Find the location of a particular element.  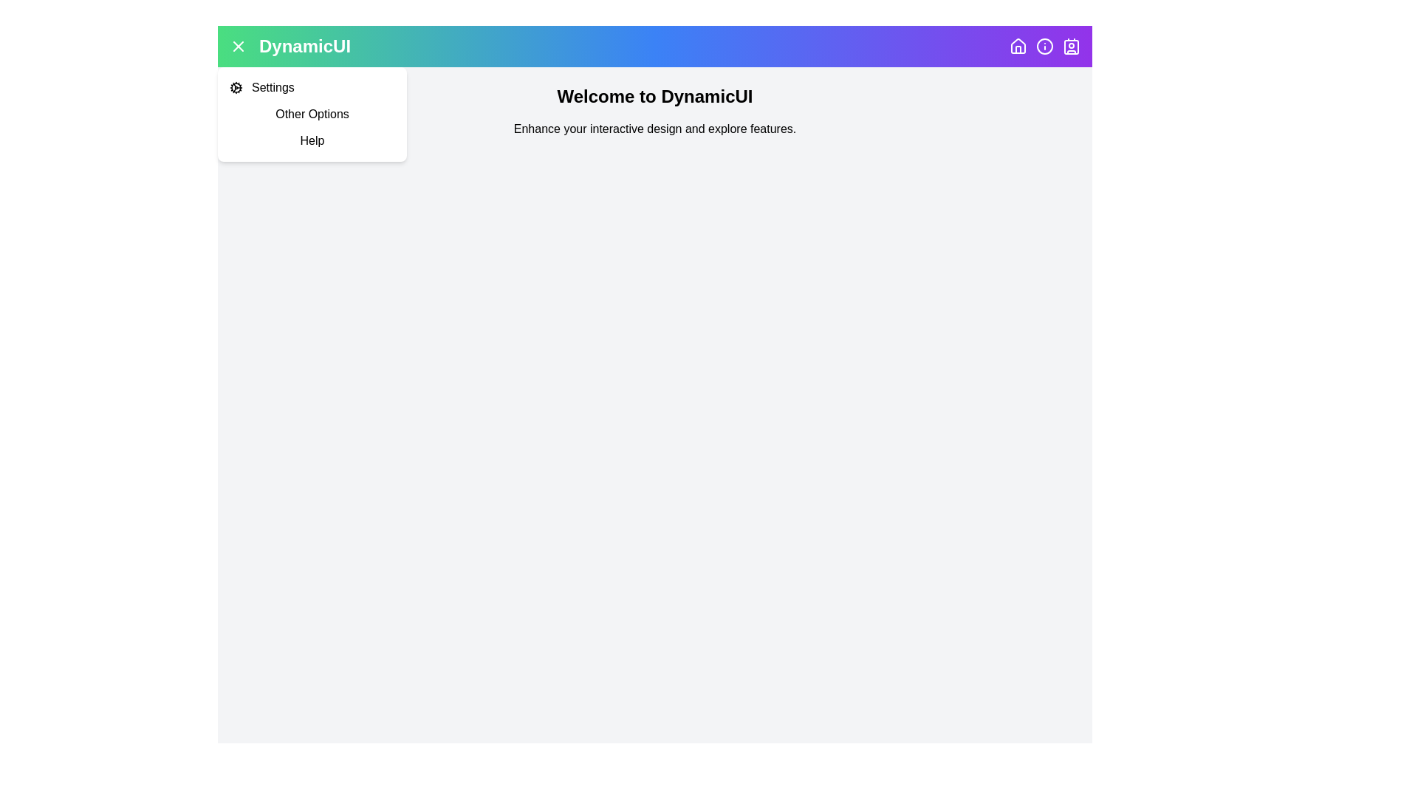

the 'Settings' text label in the dropdown menu, which is located to the right of the cogwheel icon and is the first option in the list is located at coordinates (273, 88).